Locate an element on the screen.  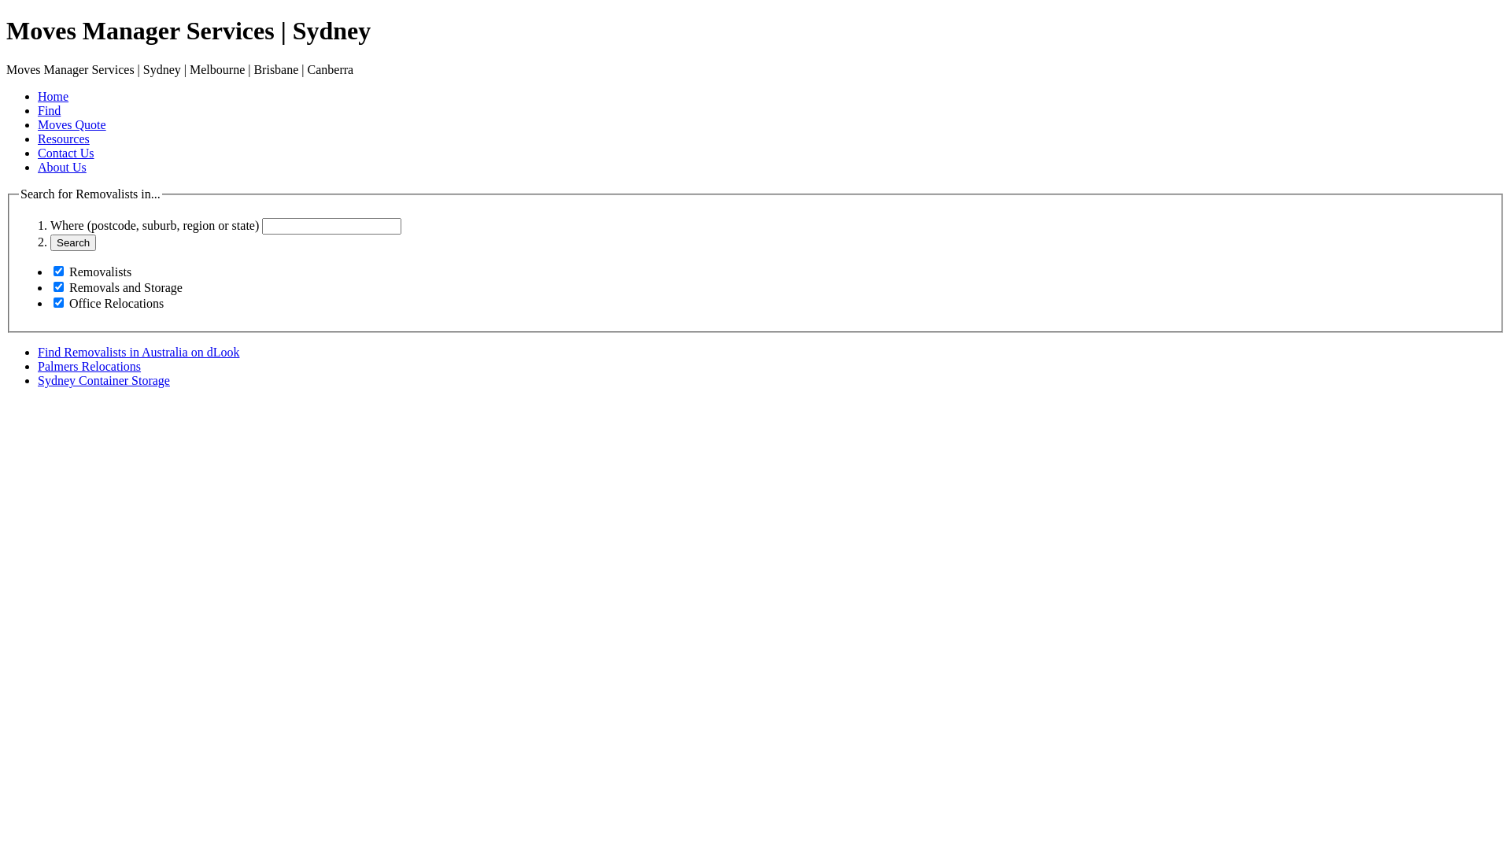
'Sydney Container Storage' is located at coordinates (38, 380).